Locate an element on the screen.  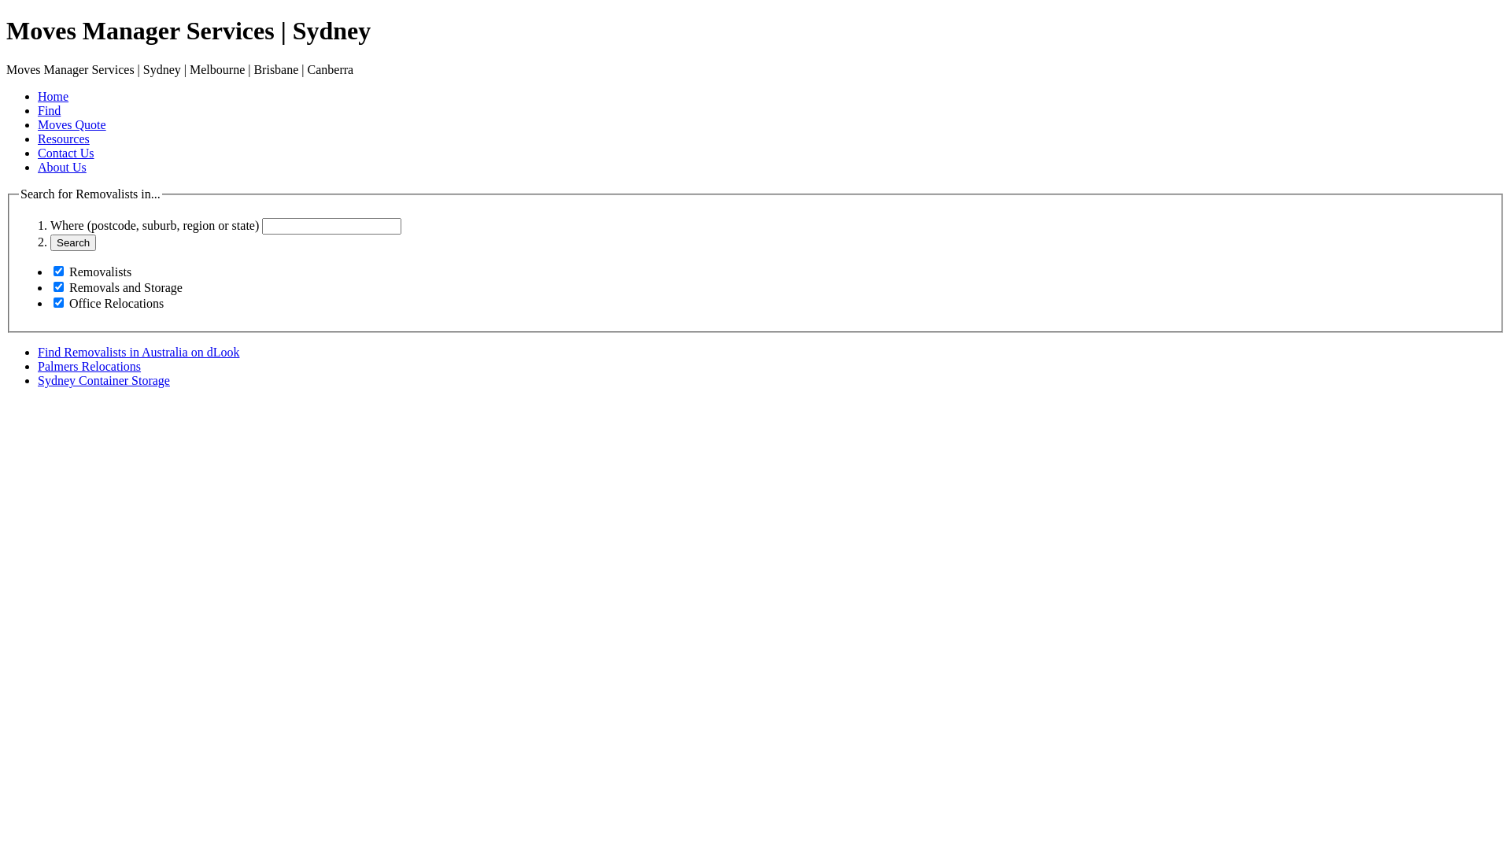
'Sydney Container Storage' is located at coordinates (38, 380).